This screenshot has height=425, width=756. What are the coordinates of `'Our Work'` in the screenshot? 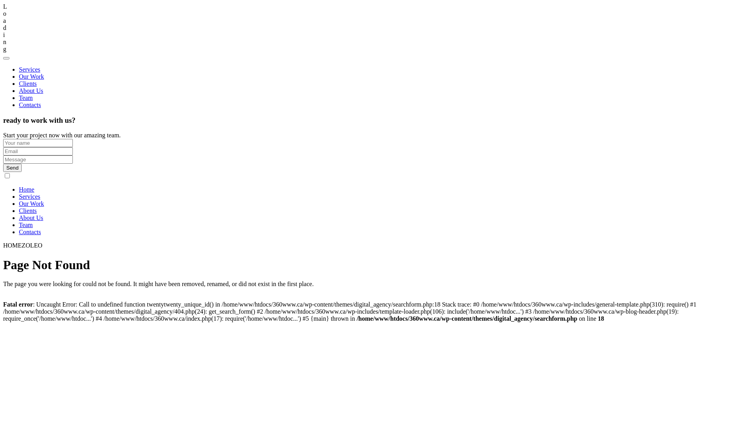 It's located at (19, 76).